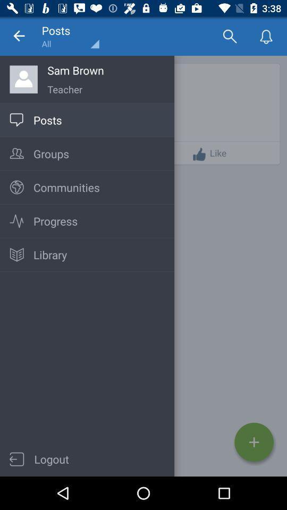 The image size is (287, 510). I want to click on posts, so click(71, 36).